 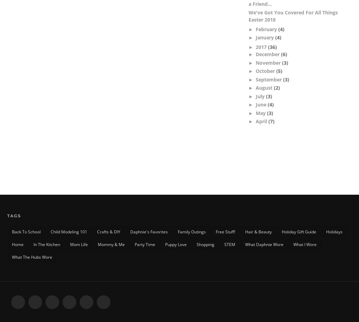 What do you see at coordinates (261, 112) in the screenshot?
I see `'May'` at bounding box center [261, 112].